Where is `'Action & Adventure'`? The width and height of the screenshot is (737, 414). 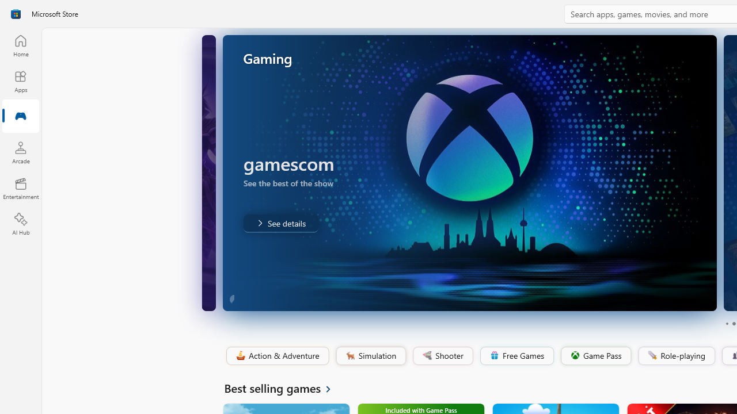 'Action & Adventure' is located at coordinates (276, 355).